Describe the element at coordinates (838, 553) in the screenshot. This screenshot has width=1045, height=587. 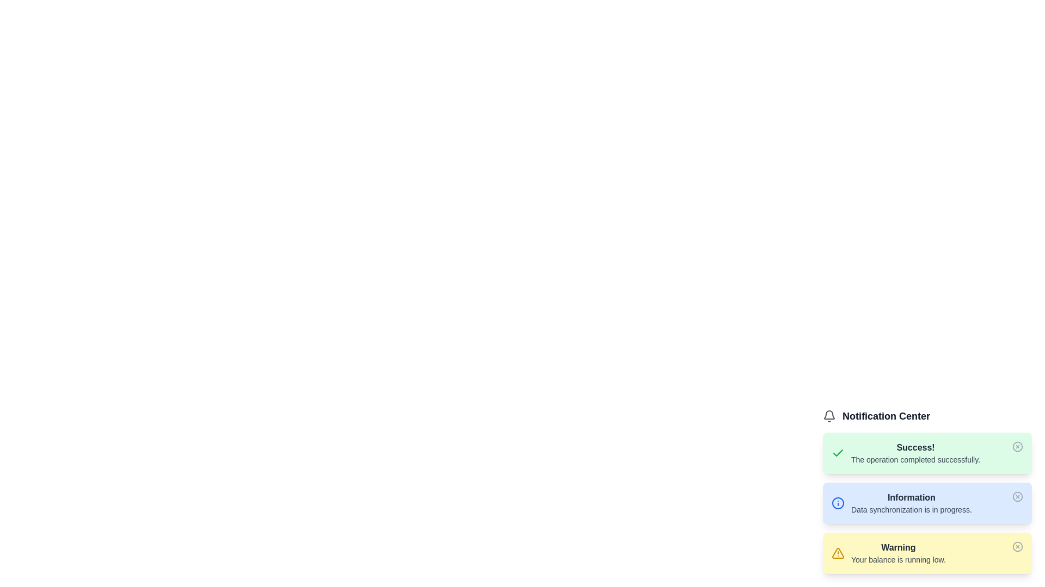
I see `the triangular alert icon with a yellow stroke located on the left side of the warning notification message in the Notification Center interface` at that location.